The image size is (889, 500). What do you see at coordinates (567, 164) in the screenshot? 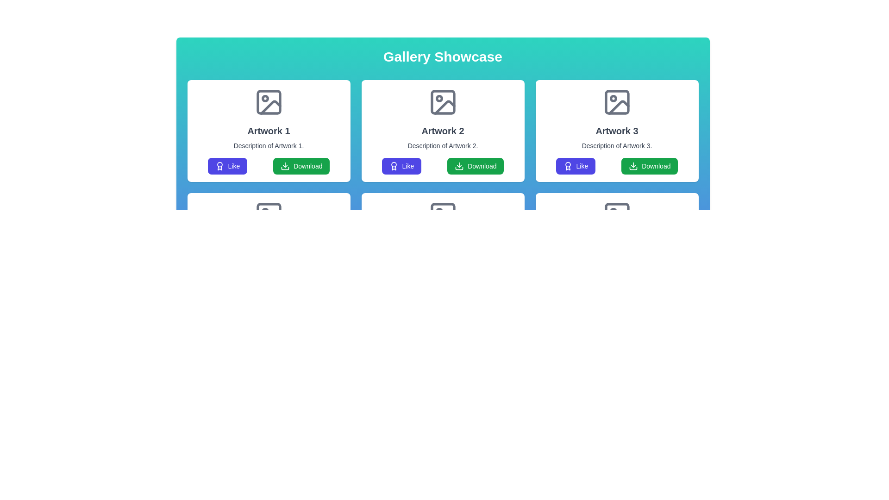
I see `the circular SVG element that is part of an award or badge icon, located to the left of the 'Like' button beneath the 'Artwork 3' section in the gallery showcase` at bounding box center [567, 164].